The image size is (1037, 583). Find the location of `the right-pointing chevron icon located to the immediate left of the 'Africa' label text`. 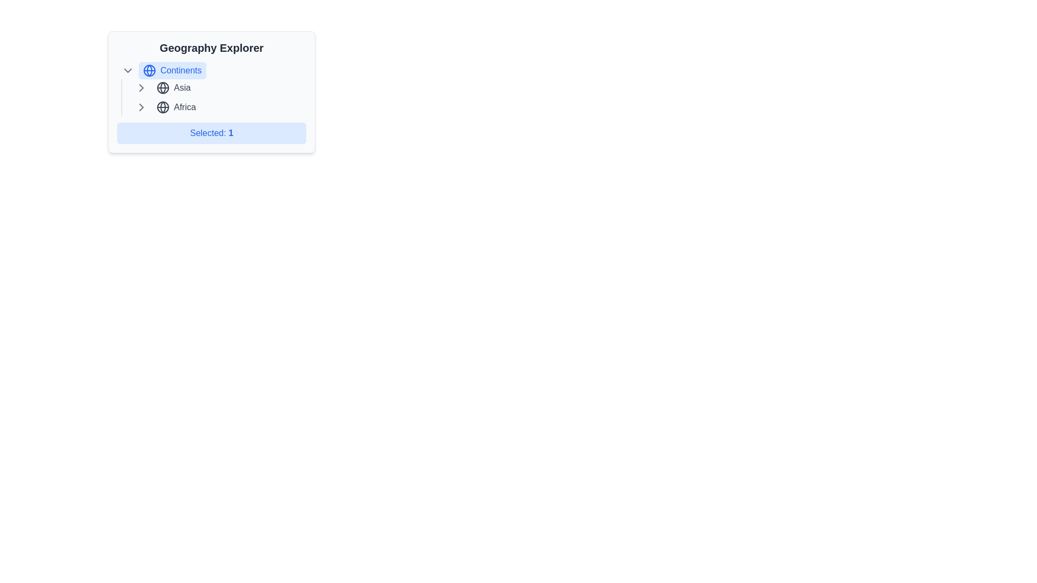

the right-pointing chevron icon located to the immediate left of the 'Africa' label text is located at coordinates (141, 107).